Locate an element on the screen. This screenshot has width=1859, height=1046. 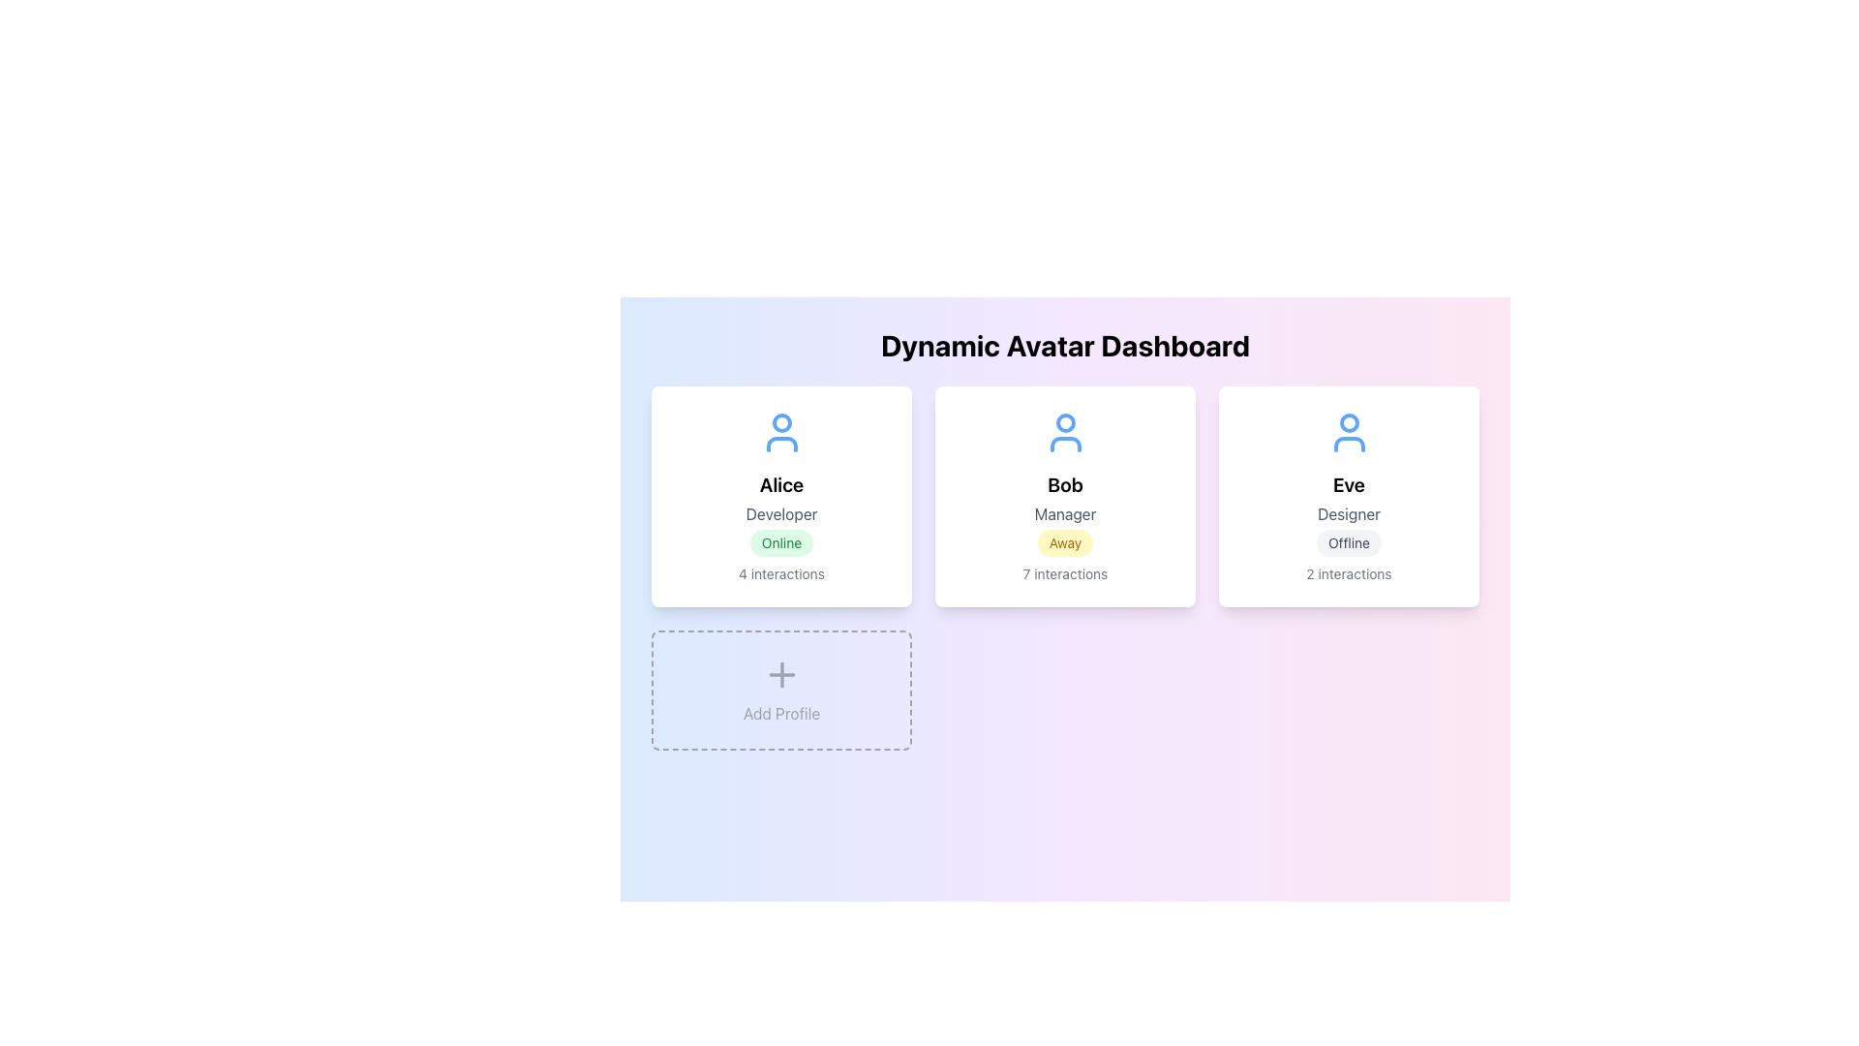
displayed text from the text label that indicates the name of the person or entity within the leftmost card, positioned below the user icon and above the 'Developer' and 'Online' elements is located at coordinates (781, 484).